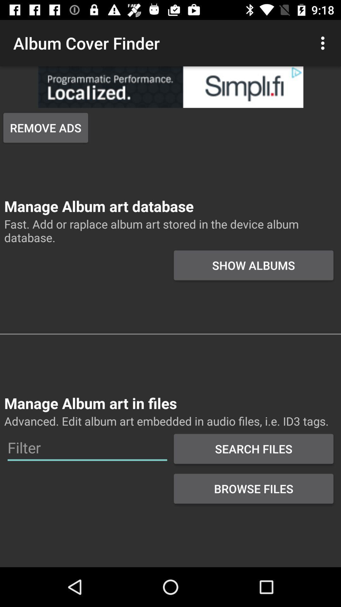 Image resolution: width=341 pixels, height=607 pixels. Describe the element at coordinates (170, 87) in the screenshot. I see `advertisement page` at that location.